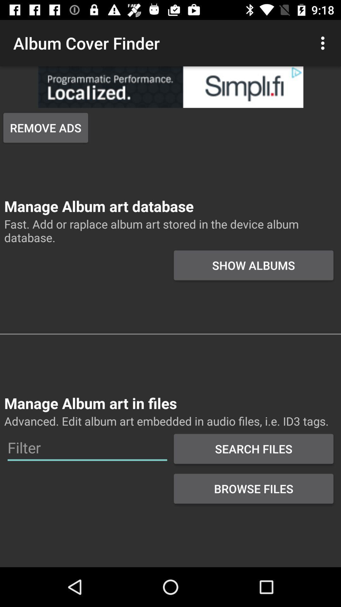 Image resolution: width=341 pixels, height=607 pixels. Describe the element at coordinates (170, 87) in the screenshot. I see `advertisement page` at that location.